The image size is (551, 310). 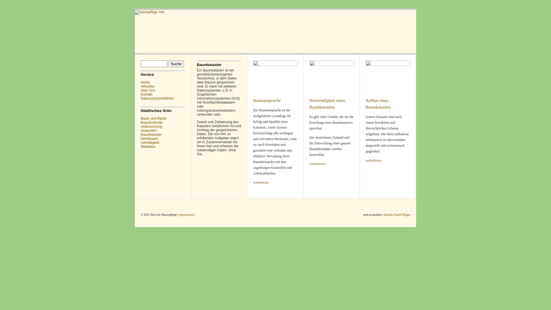 What do you see at coordinates (140, 94) in the screenshot?
I see `'Kontakt'` at bounding box center [140, 94].